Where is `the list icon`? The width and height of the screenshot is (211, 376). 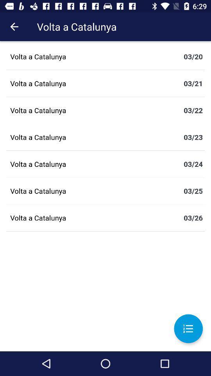 the list icon is located at coordinates (188, 329).